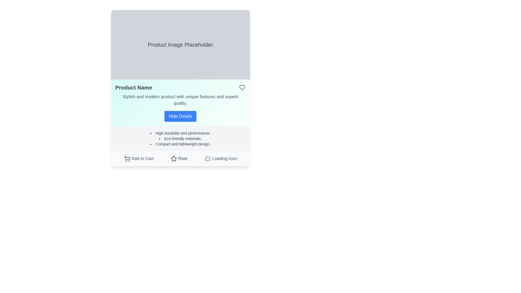 Image resolution: width=521 pixels, height=293 pixels. Describe the element at coordinates (180, 100) in the screenshot. I see `the text description styled in medium font size and gray color, which is located underneath the bold title 'Product Name' and above the button labeled 'Hide Details'` at that location.